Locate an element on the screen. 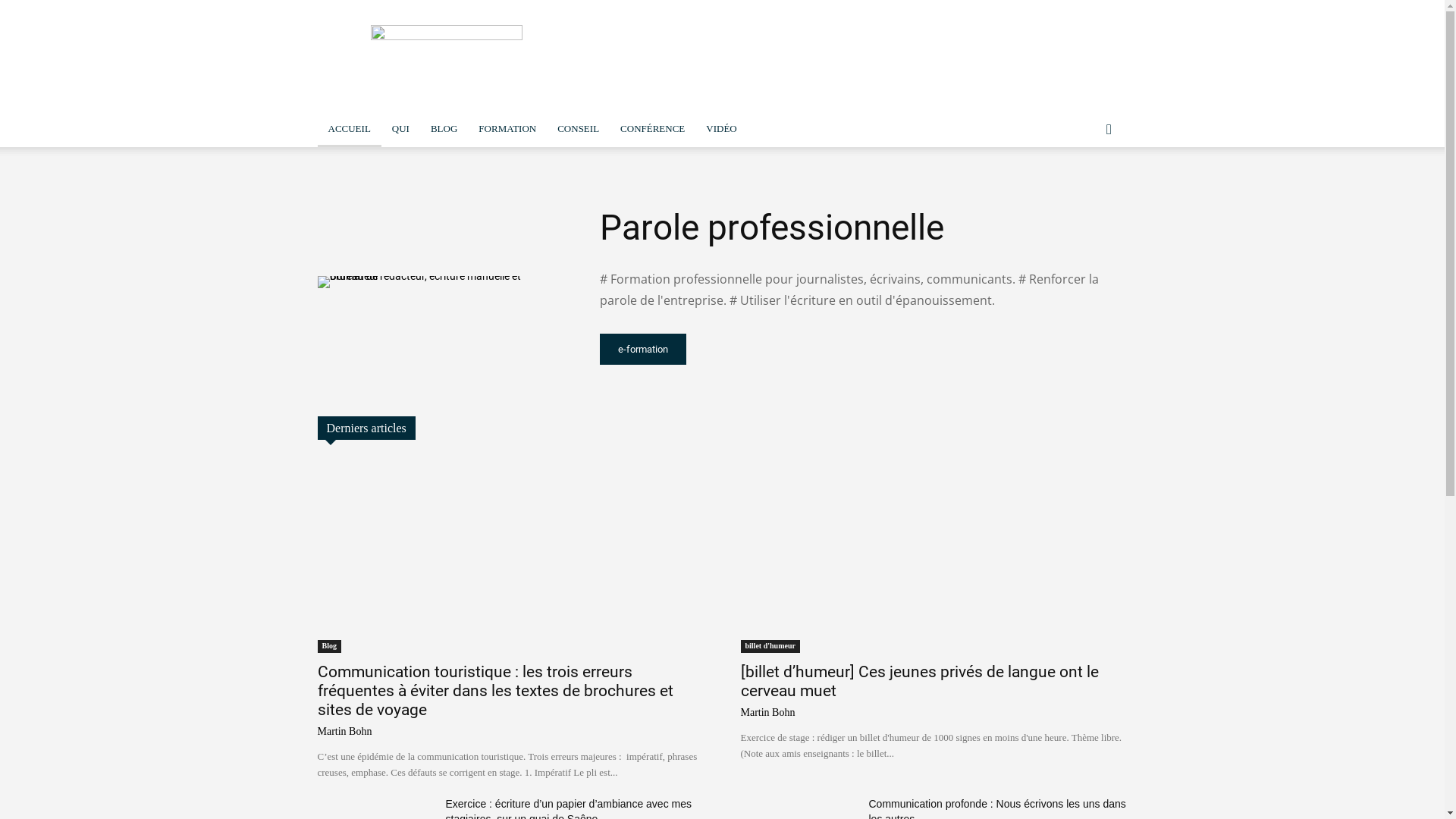 This screenshot has height=819, width=1456. 'e-formation' is located at coordinates (598, 349).